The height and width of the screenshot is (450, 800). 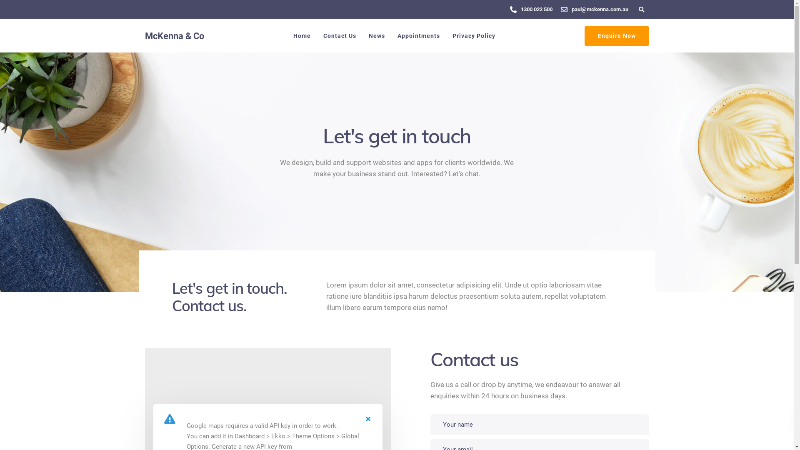 What do you see at coordinates (602, 9) in the screenshot?
I see `'paul@mckenna.com.au'` at bounding box center [602, 9].